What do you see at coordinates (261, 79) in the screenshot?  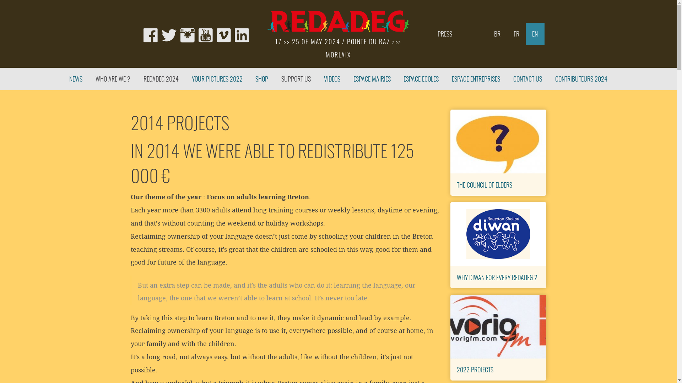 I see `'SHOP'` at bounding box center [261, 79].